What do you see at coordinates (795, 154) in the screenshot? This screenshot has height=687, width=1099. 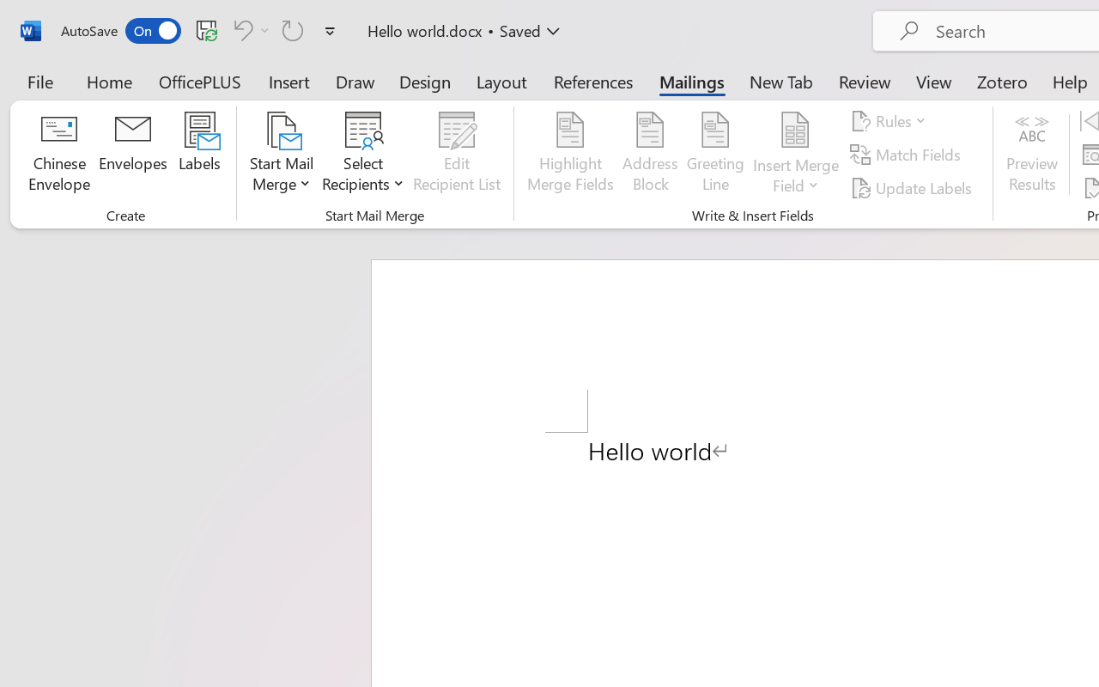 I see `'Insert Merge Field'` at bounding box center [795, 154].